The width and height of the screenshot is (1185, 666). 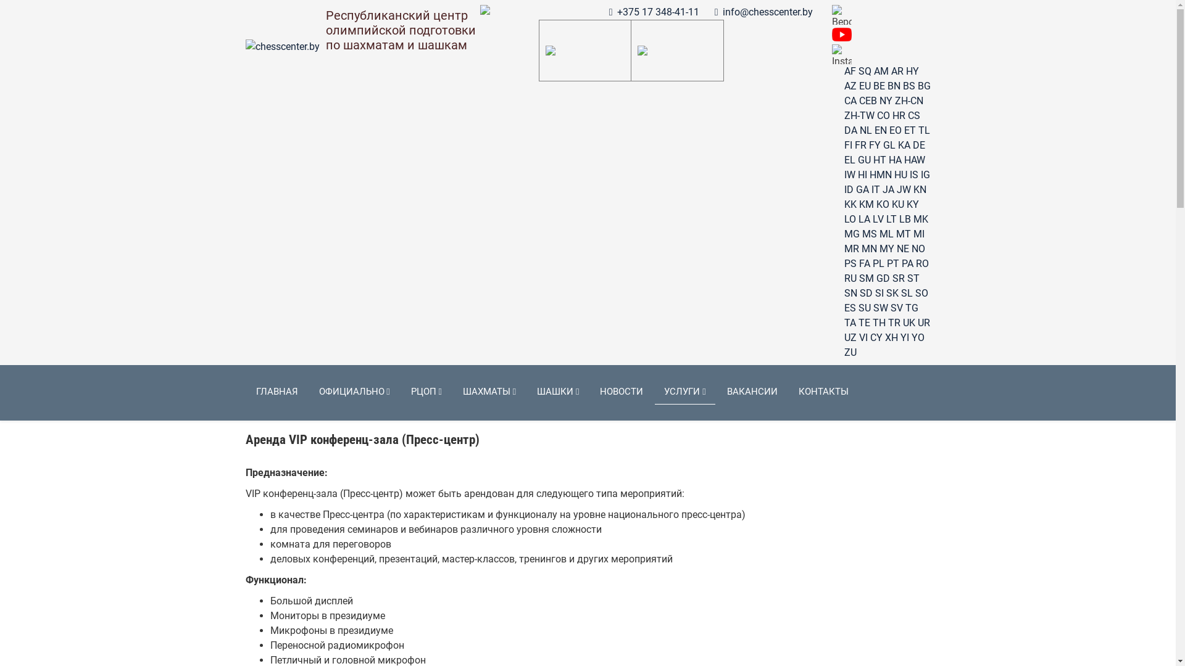 I want to click on 'CEB', so click(x=867, y=100).